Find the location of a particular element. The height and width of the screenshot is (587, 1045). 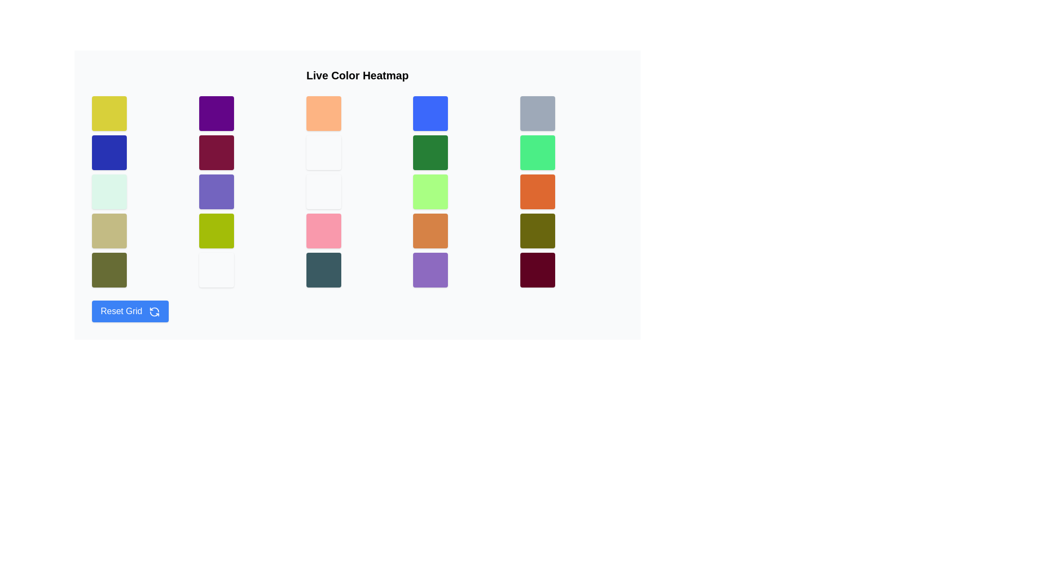

the static visual component located in the first column and first row of the grid layout, positioned at the top-left corner of the grid is located at coordinates (109, 113).